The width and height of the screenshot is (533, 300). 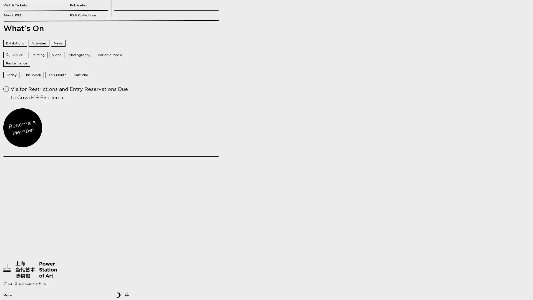 I want to click on Video, so click(x=57, y=55).